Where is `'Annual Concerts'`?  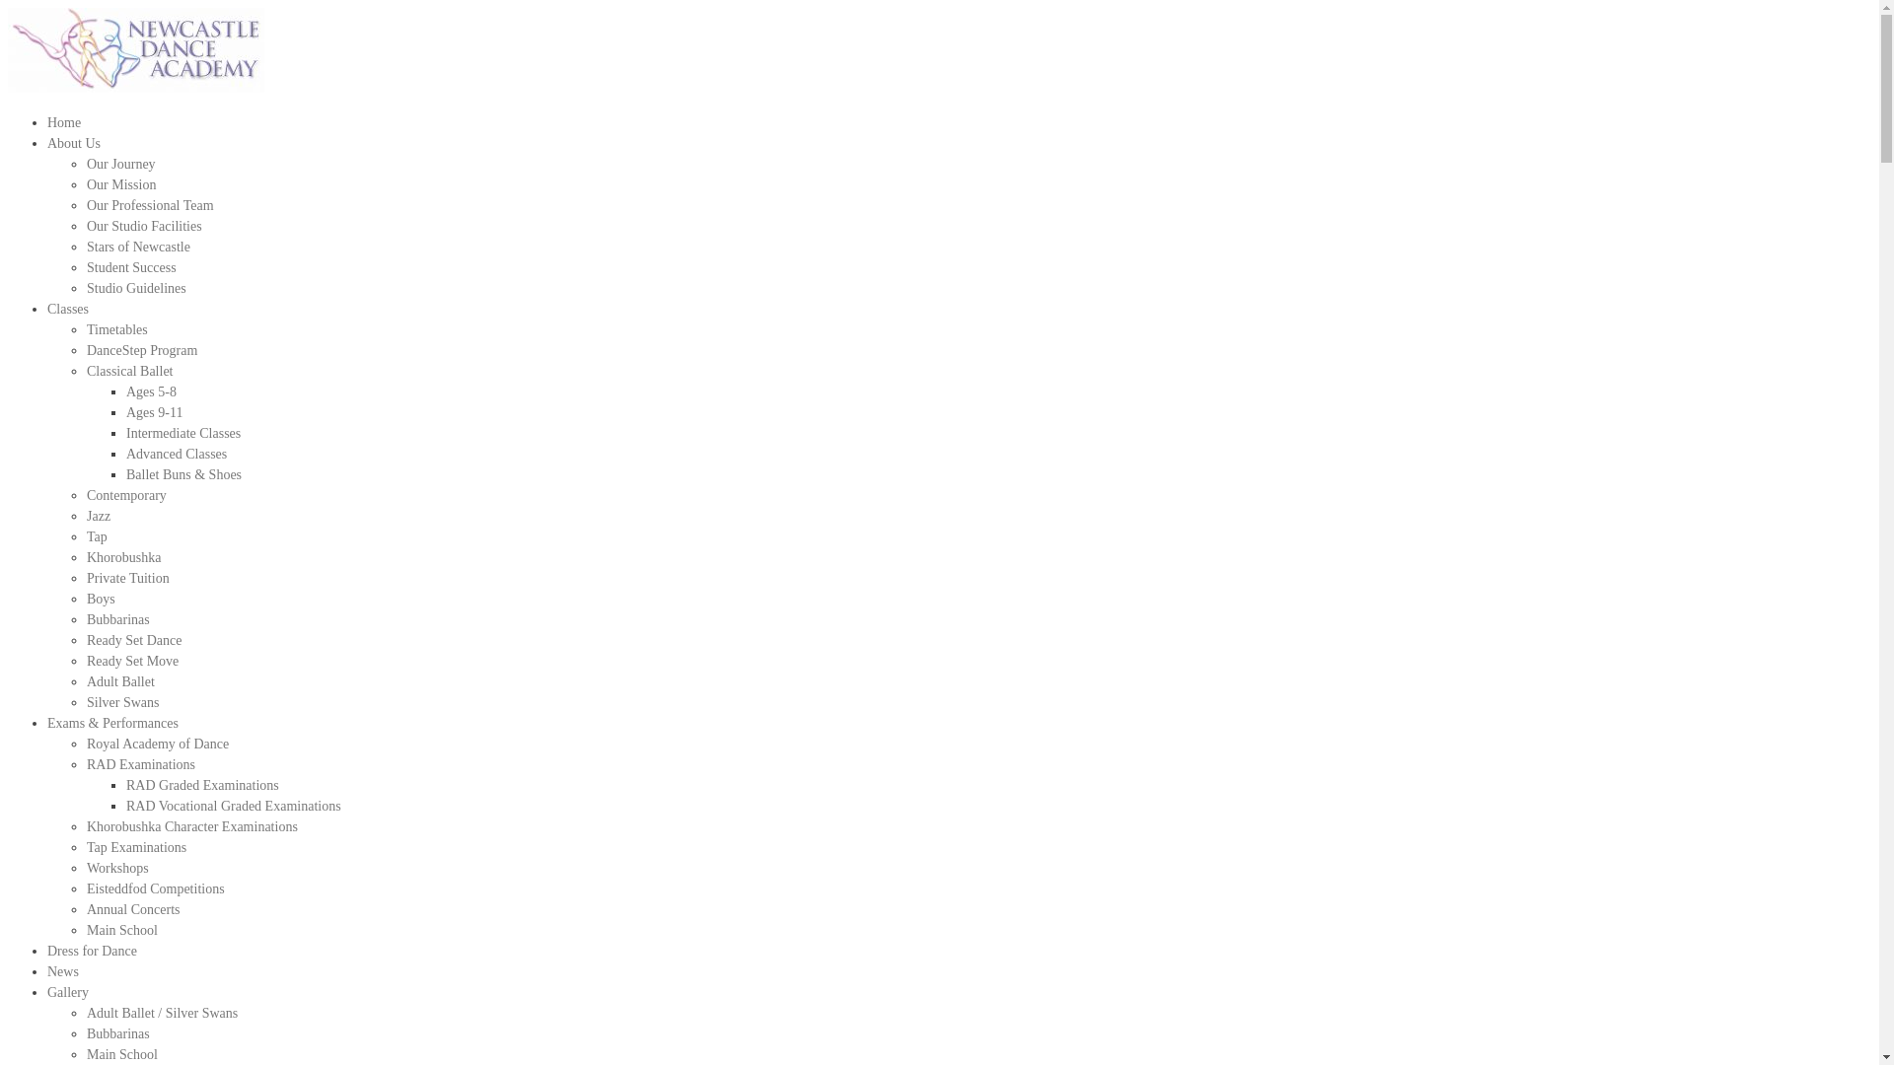 'Annual Concerts' is located at coordinates (131, 909).